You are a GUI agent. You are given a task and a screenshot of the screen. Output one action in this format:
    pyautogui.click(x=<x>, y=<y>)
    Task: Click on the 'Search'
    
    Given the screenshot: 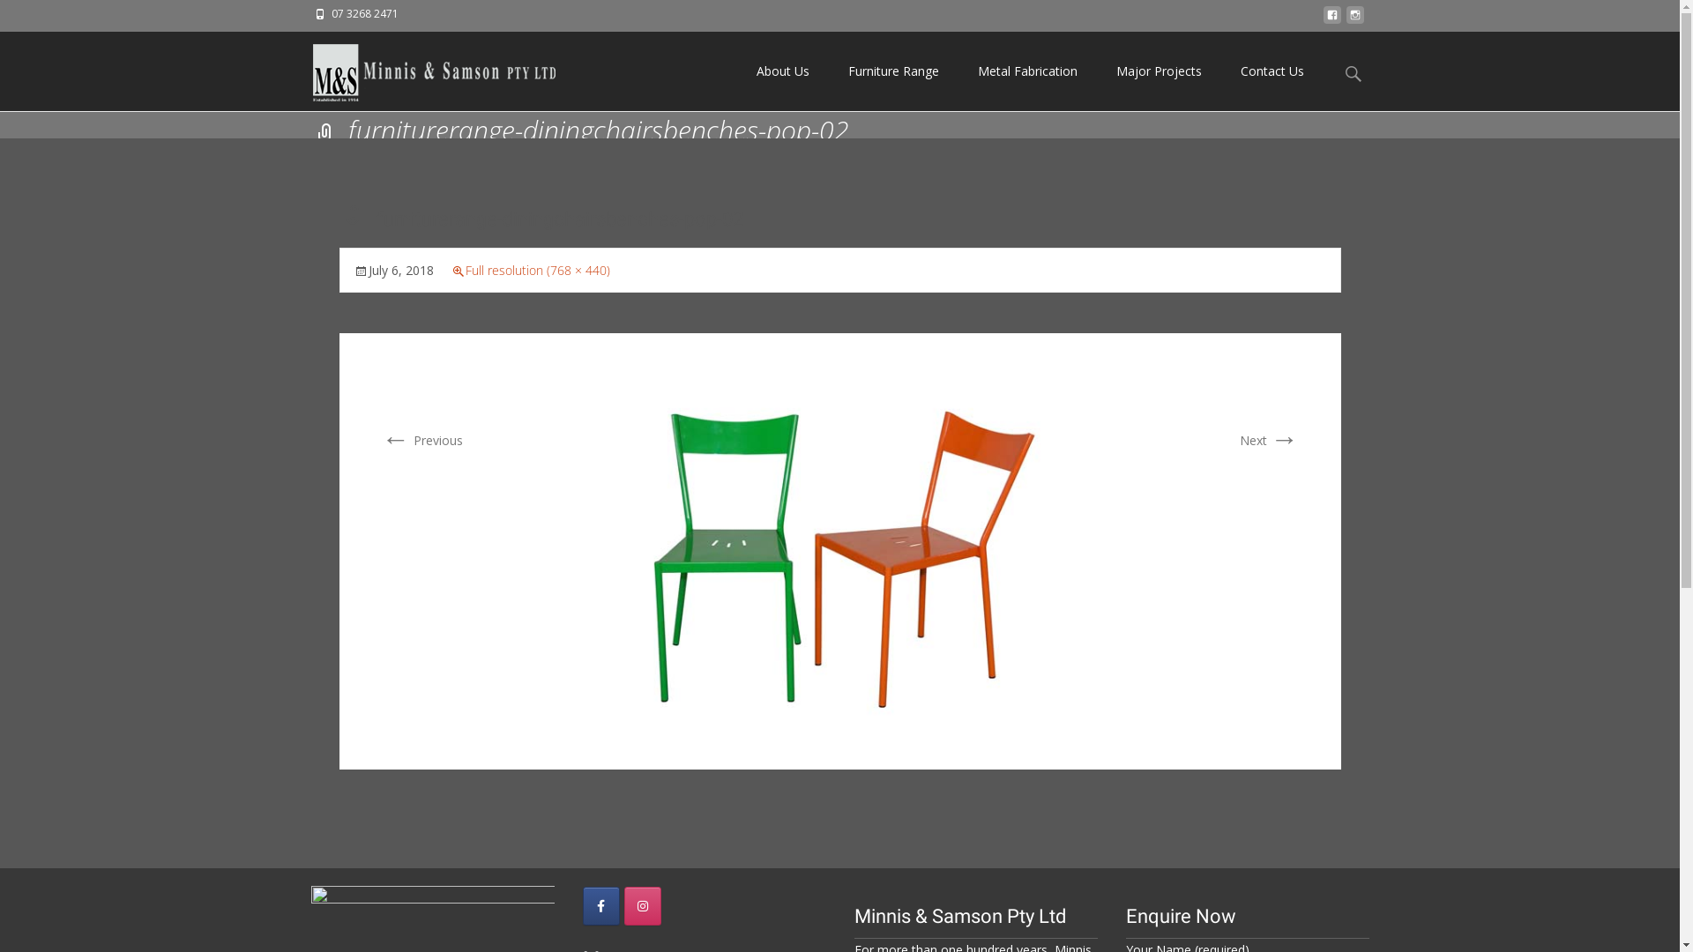 What is the action you would take?
    pyautogui.click(x=21, y=18)
    